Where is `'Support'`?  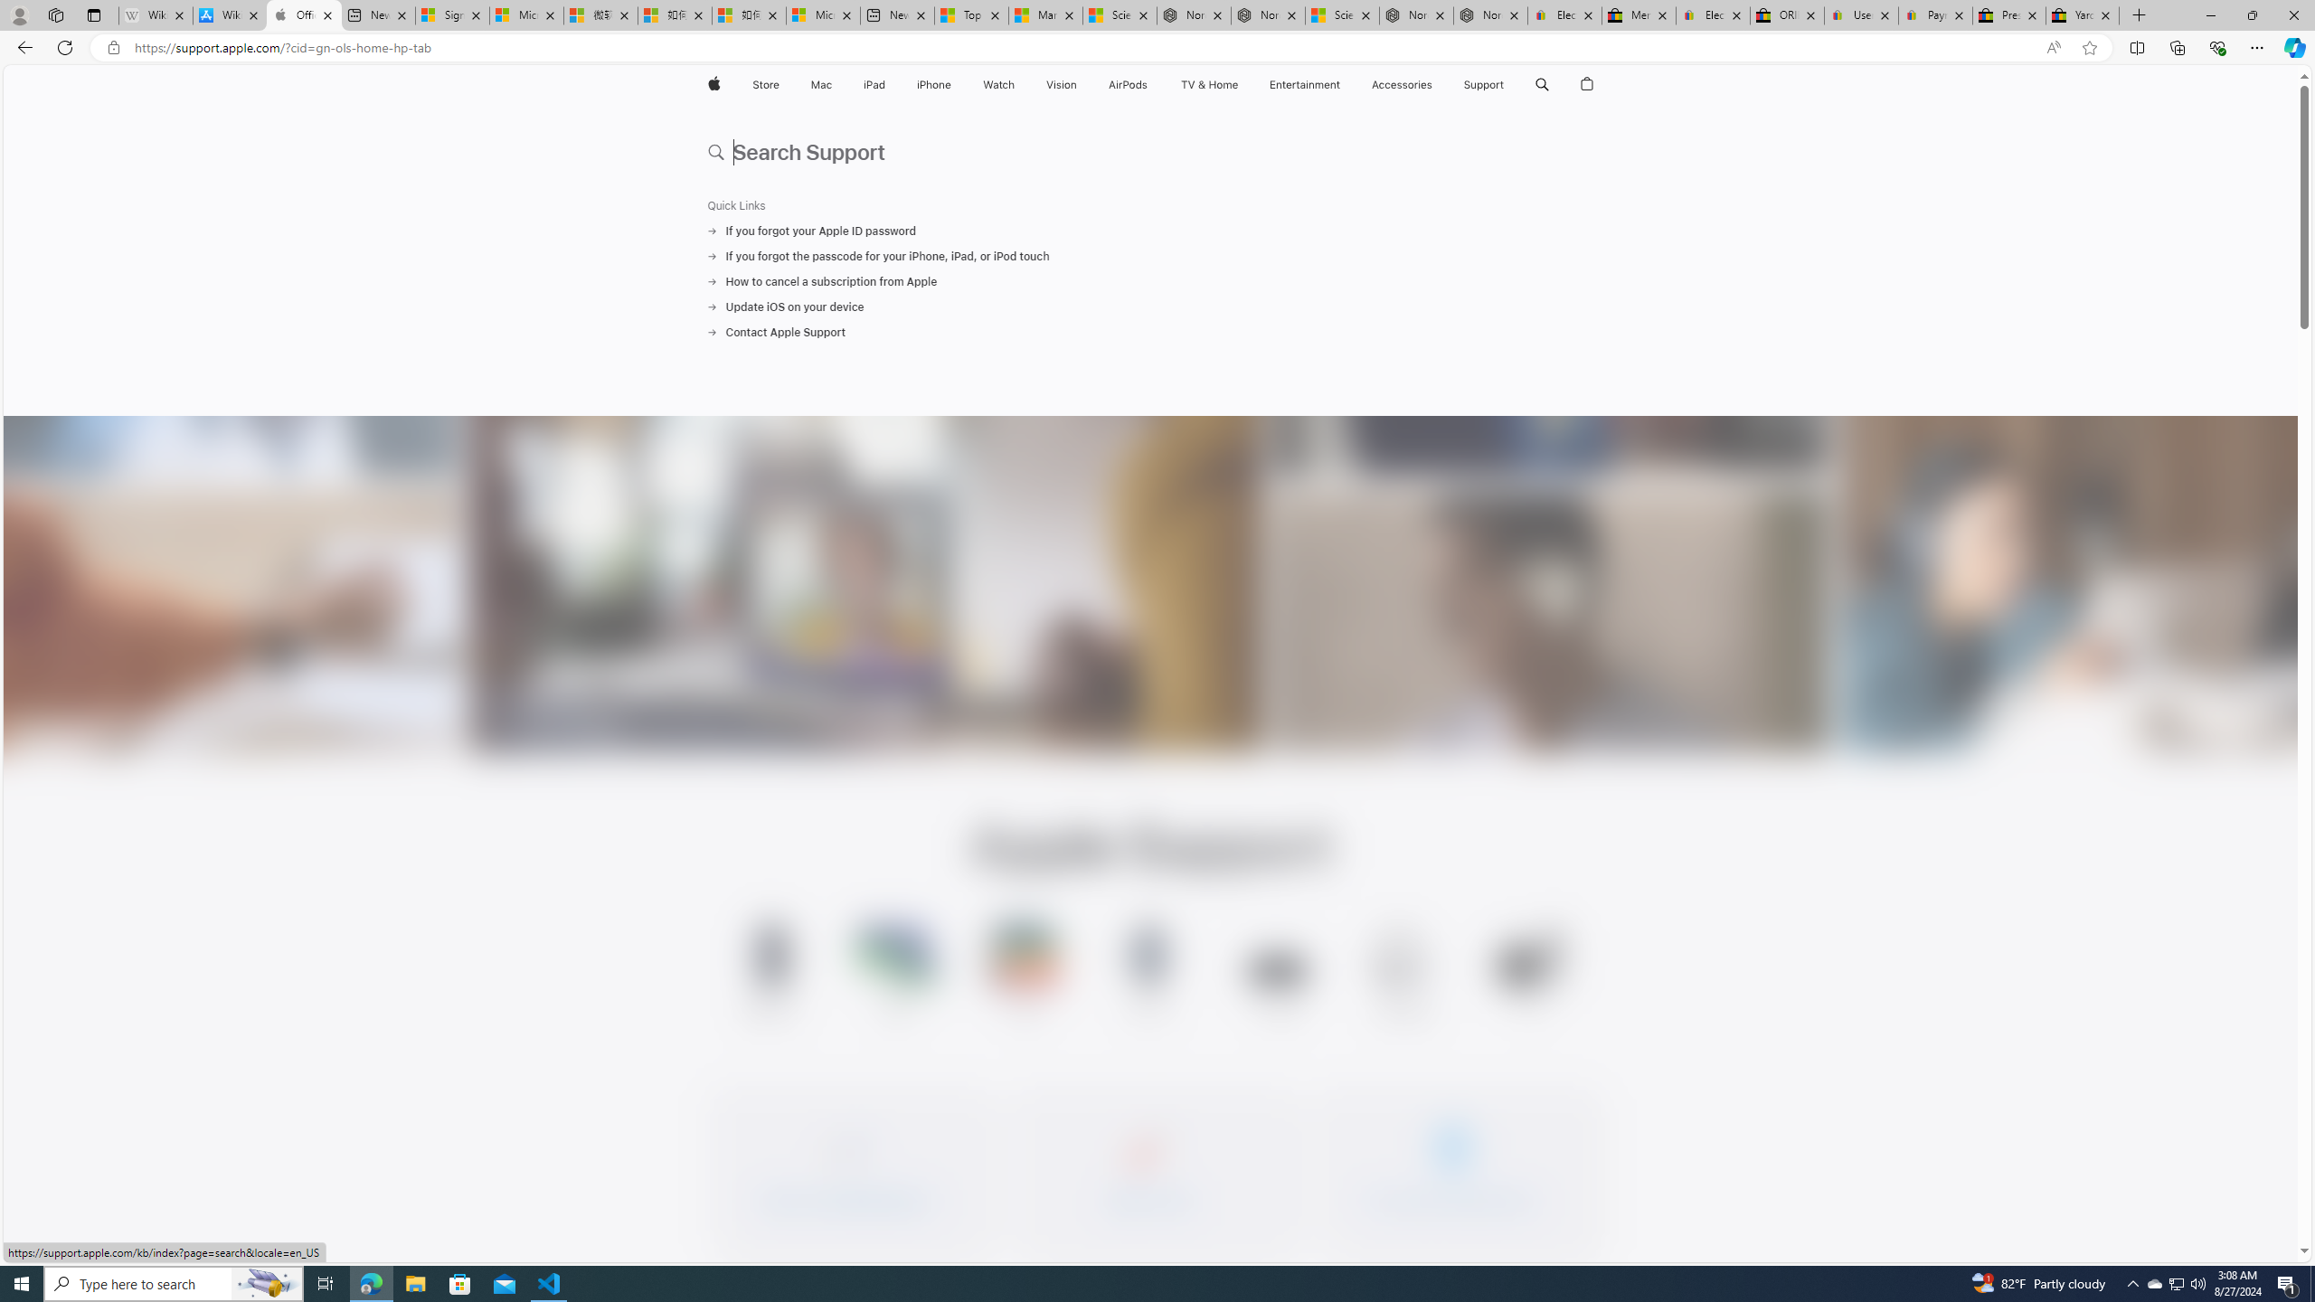 'Support' is located at coordinates (1482, 84).